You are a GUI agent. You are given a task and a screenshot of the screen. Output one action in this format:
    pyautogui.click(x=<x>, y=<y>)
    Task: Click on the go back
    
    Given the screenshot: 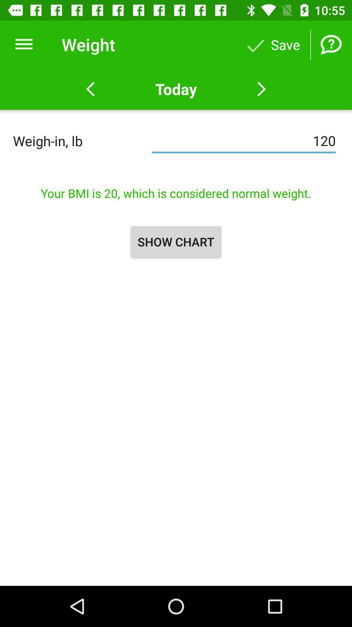 What is the action you would take?
    pyautogui.click(x=90, y=89)
    